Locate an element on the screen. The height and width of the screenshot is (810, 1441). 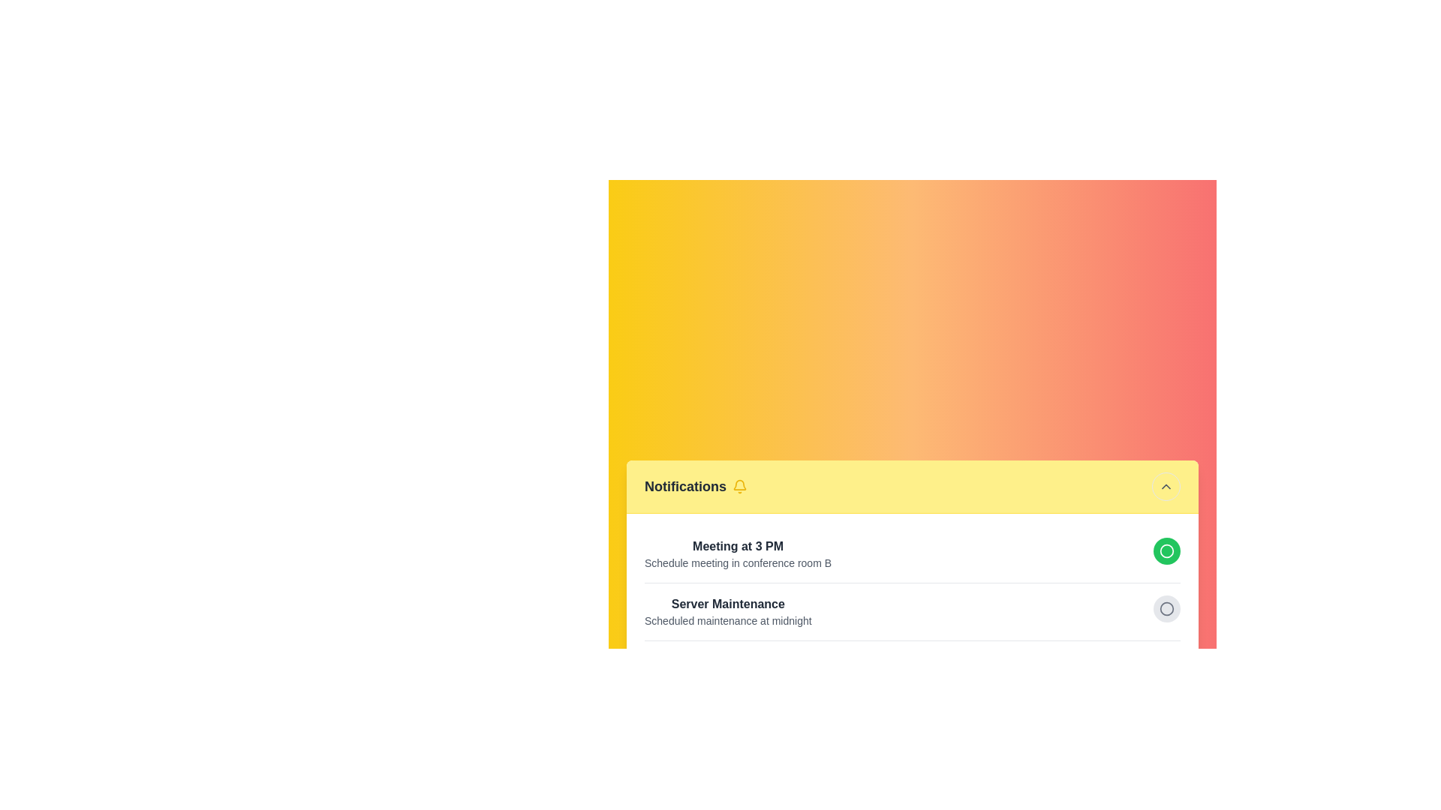
the notification card that informs the user about a scheduled maintenance event, which is the second item in the notifications list is located at coordinates (911, 610).